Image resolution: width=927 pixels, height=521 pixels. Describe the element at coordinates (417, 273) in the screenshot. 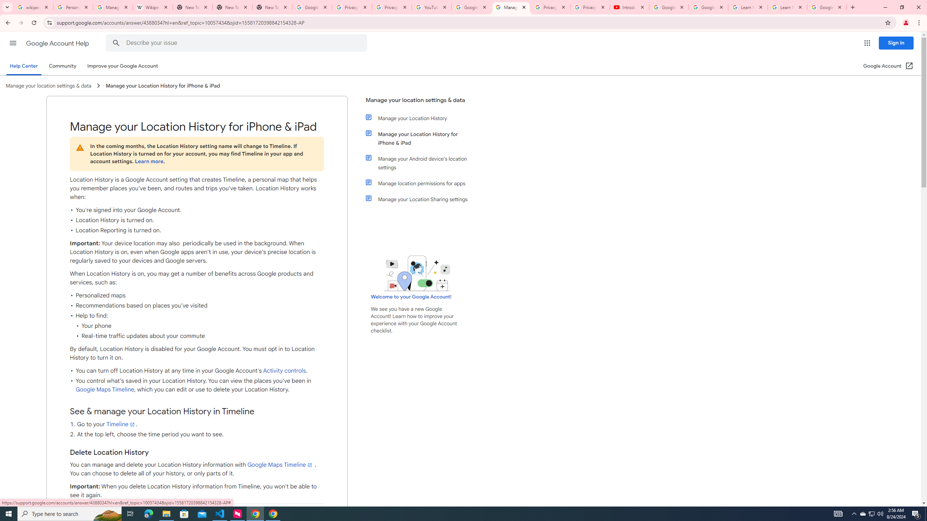

I see `'Learning Center home page image'` at that location.